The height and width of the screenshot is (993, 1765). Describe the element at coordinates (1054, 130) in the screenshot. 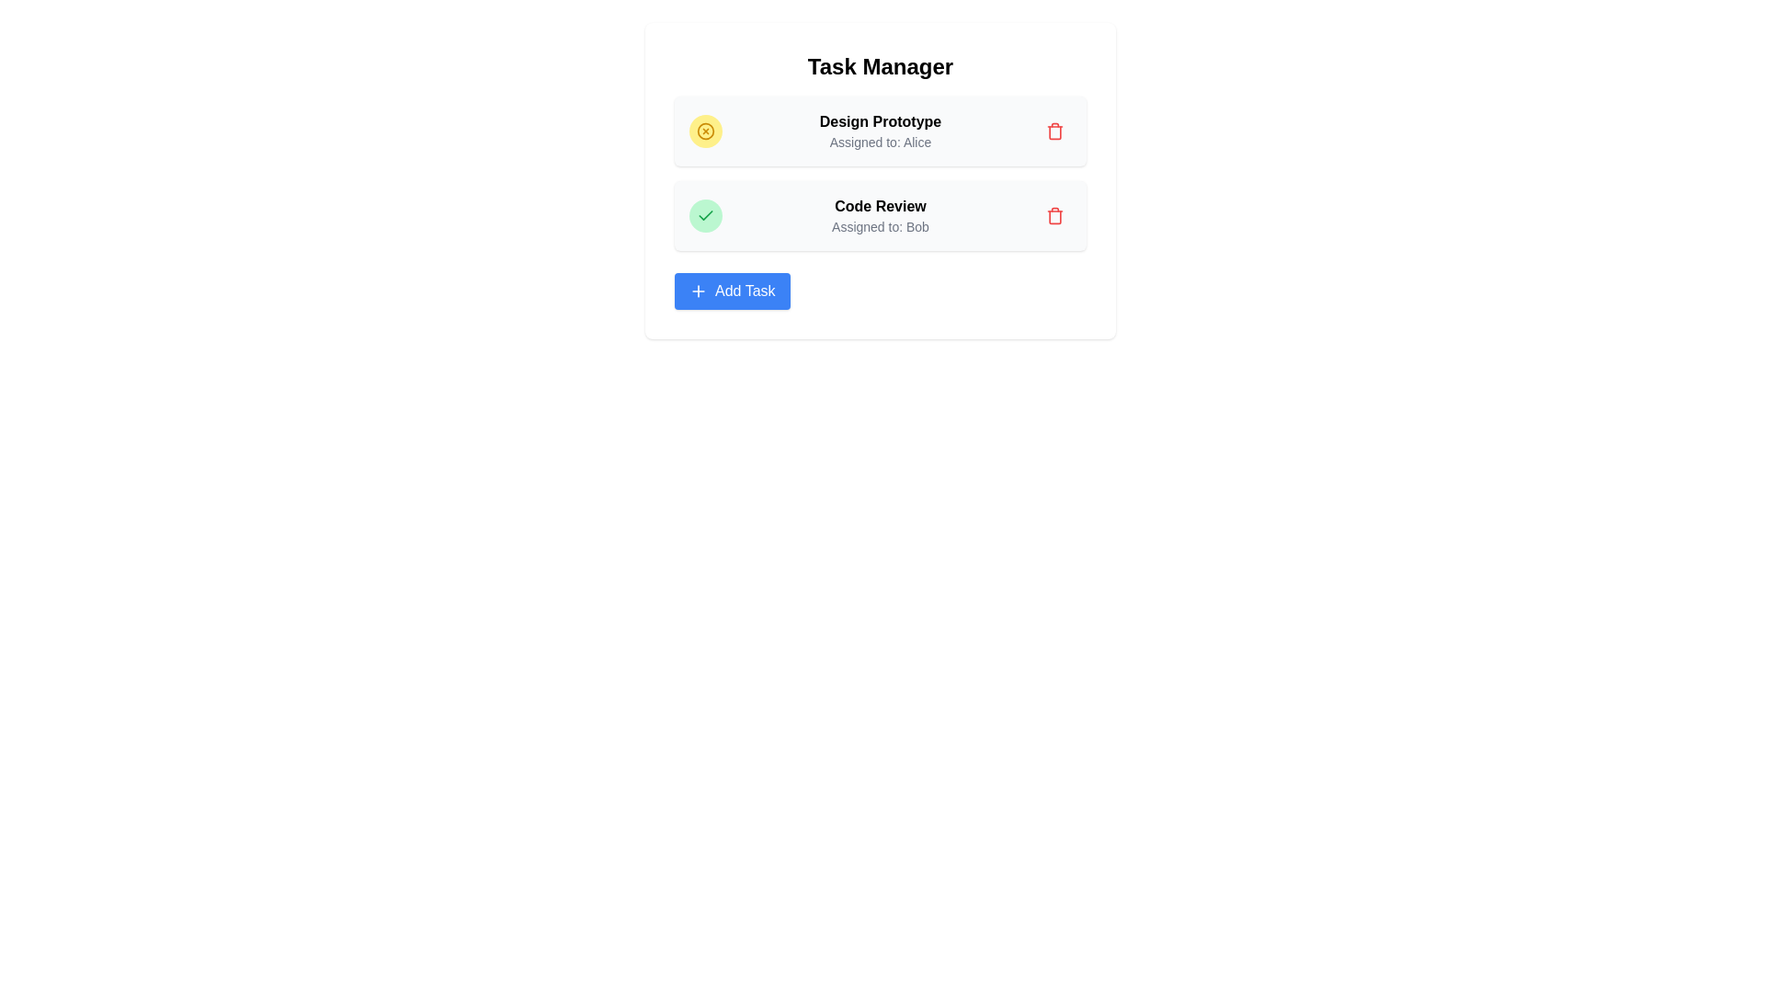

I see `the red trash bin button located in the upper right corner of the card labeled 'Design Prototype Assigned to: Alice' to initiate the delete action` at that location.